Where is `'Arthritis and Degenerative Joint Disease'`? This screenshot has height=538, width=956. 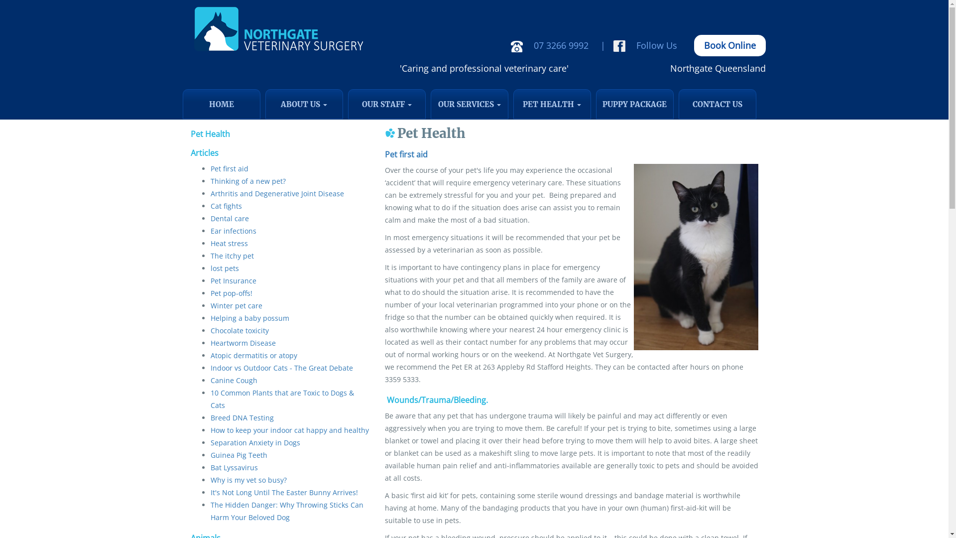
'Arthritis and Degenerative Joint Disease' is located at coordinates (210, 193).